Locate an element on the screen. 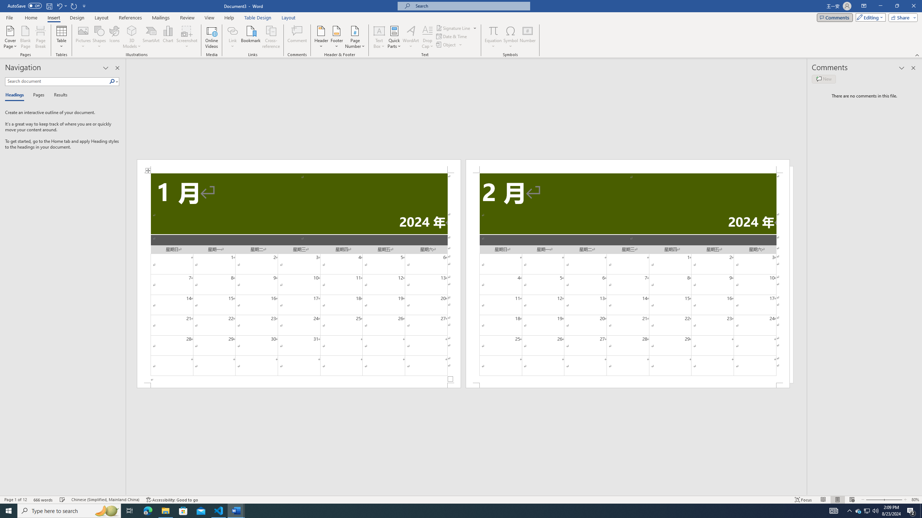 Image resolution: width=922 pixels, height=518 pixels. 'Online Videos...' is located at coordinates (211, 37).